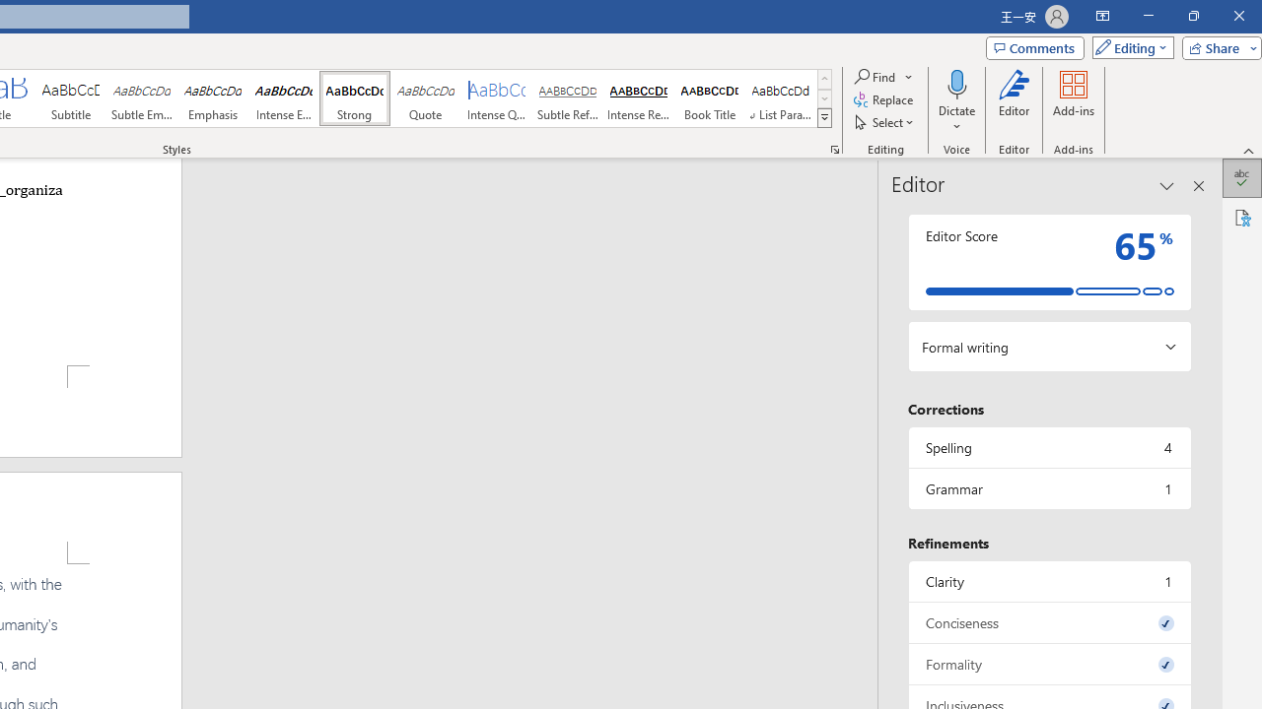 The width and height of the screenshot is (1262, 709). Describe the element at coordinates (1048, 664) in the screenshot. I see `'Formality, 0 issues. Press space or enter to review items.'` at that location.